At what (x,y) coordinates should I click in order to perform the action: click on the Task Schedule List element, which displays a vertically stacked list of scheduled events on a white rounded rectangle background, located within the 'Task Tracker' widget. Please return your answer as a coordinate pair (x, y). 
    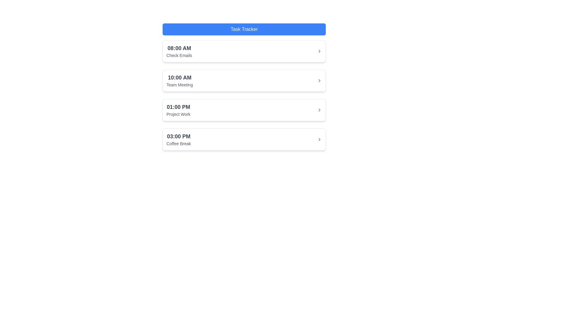
    Looking at the image, I should click on (244, 95).